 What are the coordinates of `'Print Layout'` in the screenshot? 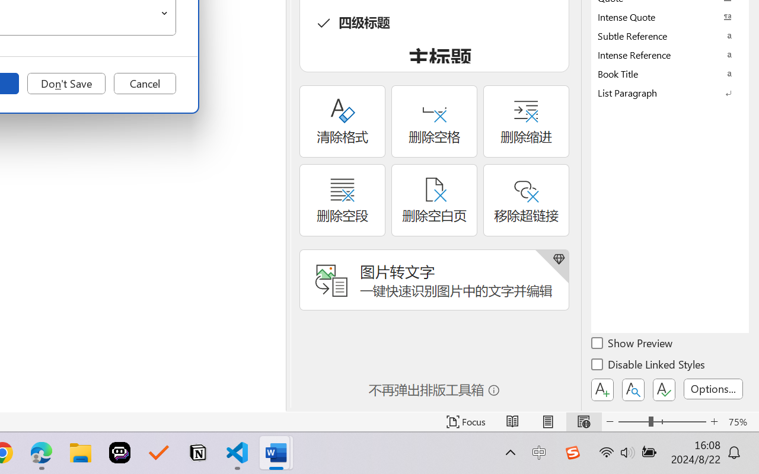 It's located at (547, 421).